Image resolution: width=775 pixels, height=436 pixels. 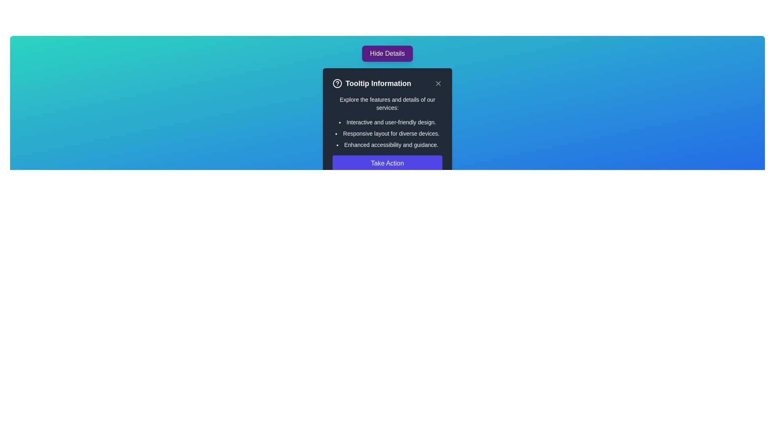 I want to click on the first bullet point text reading 'Interactive and user-friendly design.' in the dark-themed modal labeled 'Tooltip Information' to potentially see additional functionality, so click(x=387, y=122).